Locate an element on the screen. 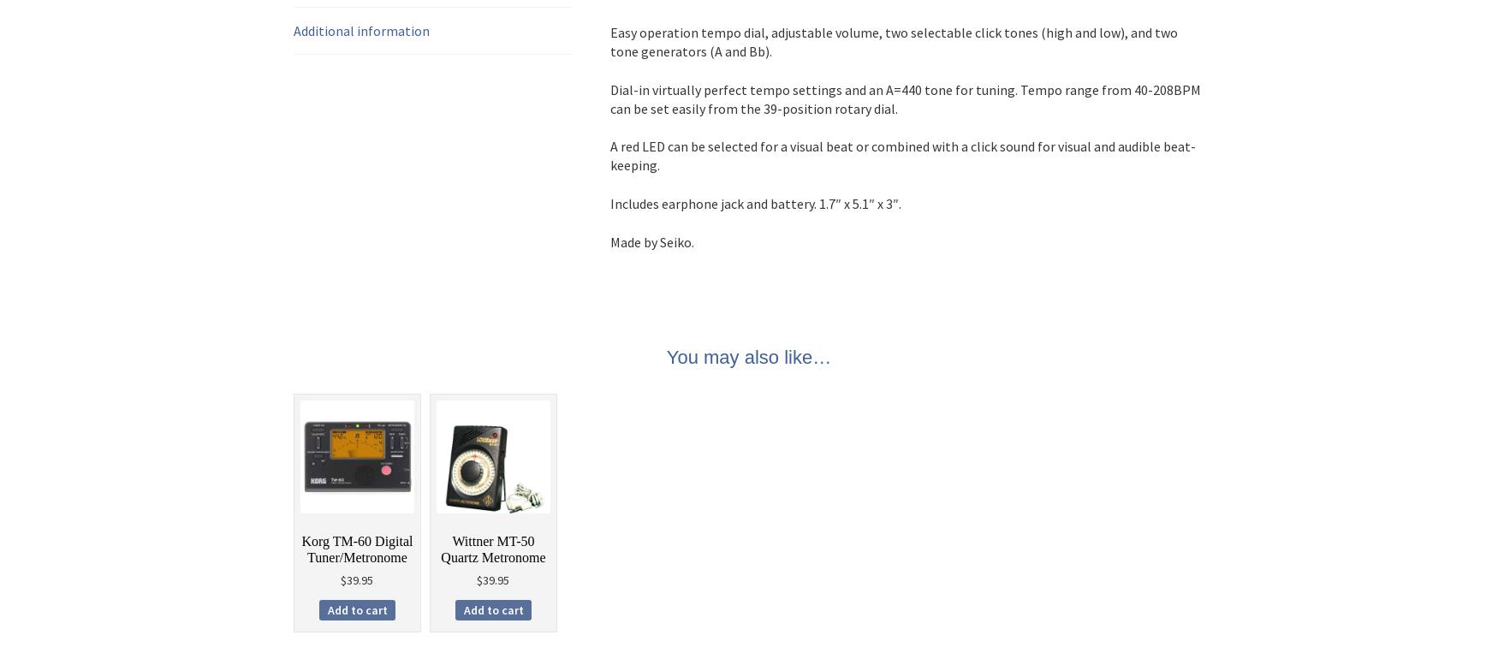  'Wittner MT-50 Quartz Metronome' is located at coordinates (492, 548).